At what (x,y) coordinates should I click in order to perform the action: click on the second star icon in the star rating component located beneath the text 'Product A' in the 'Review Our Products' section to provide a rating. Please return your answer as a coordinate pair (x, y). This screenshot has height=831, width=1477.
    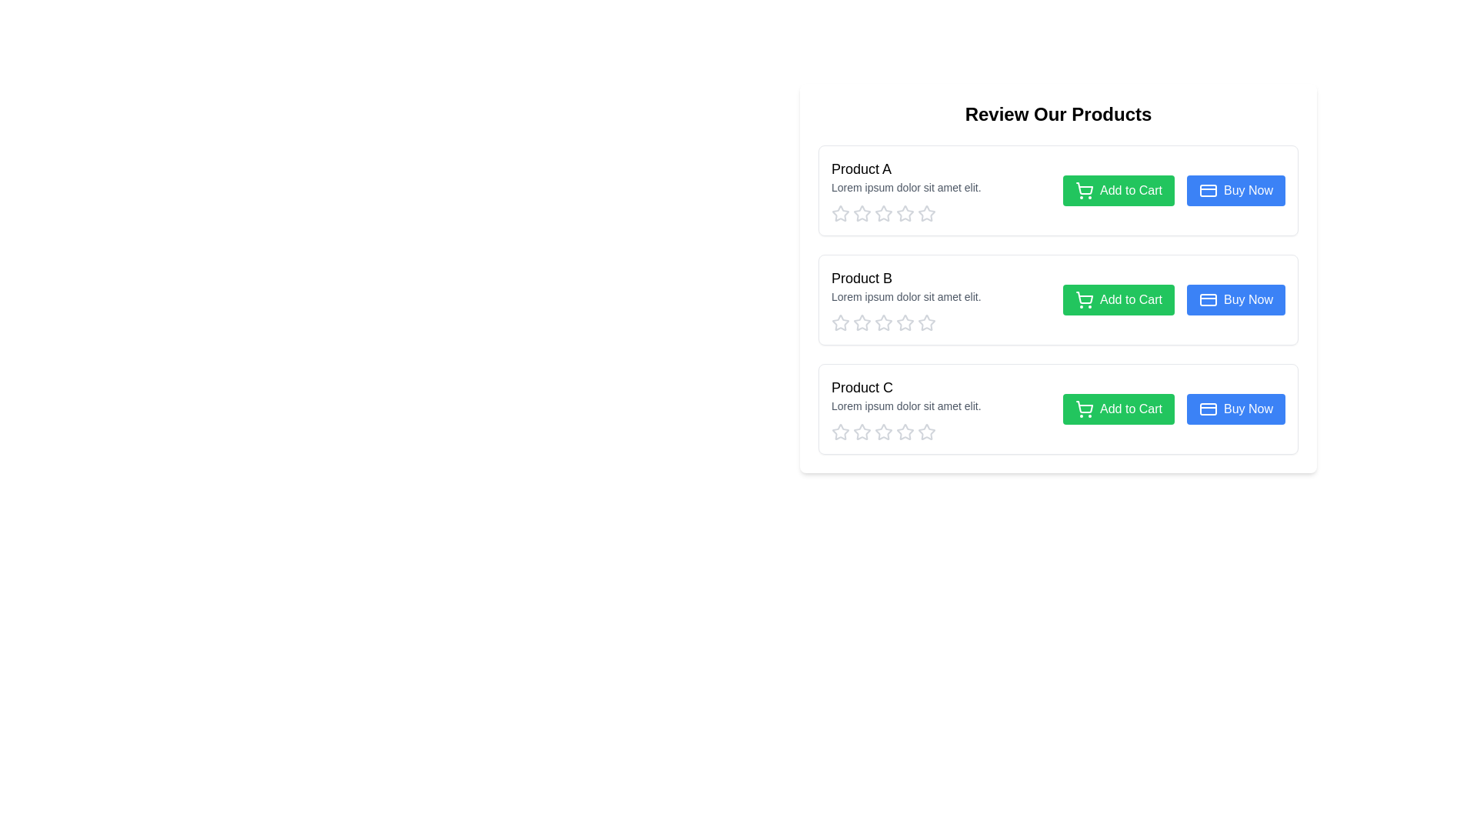
    Looking at the image, I should click on (883, 213).